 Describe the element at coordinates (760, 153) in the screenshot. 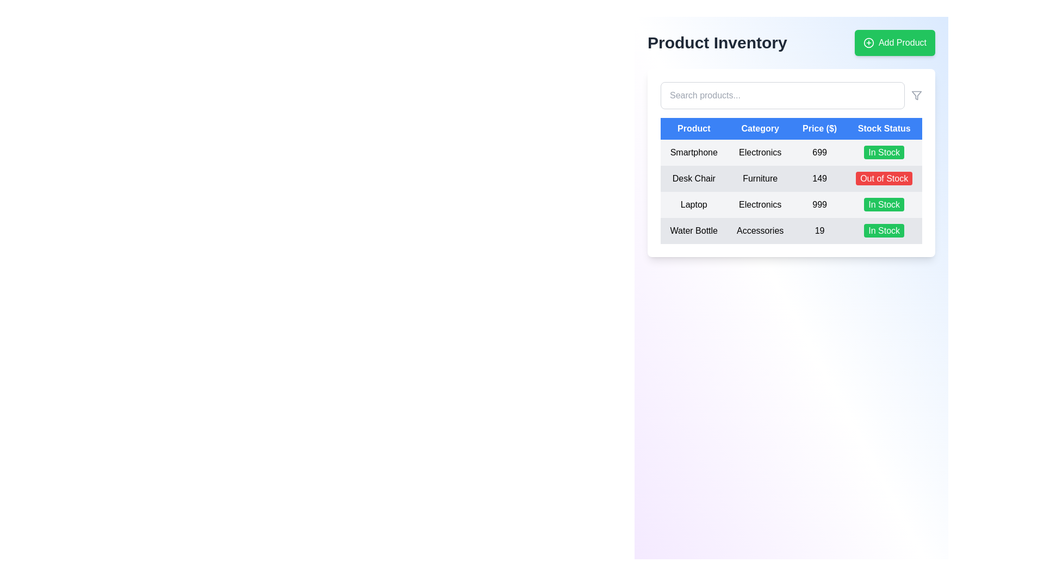

I see `the 'Electronics' text label, which is displayed in black font against a light background, located in the second column of the first data row of a product information table` at that location.